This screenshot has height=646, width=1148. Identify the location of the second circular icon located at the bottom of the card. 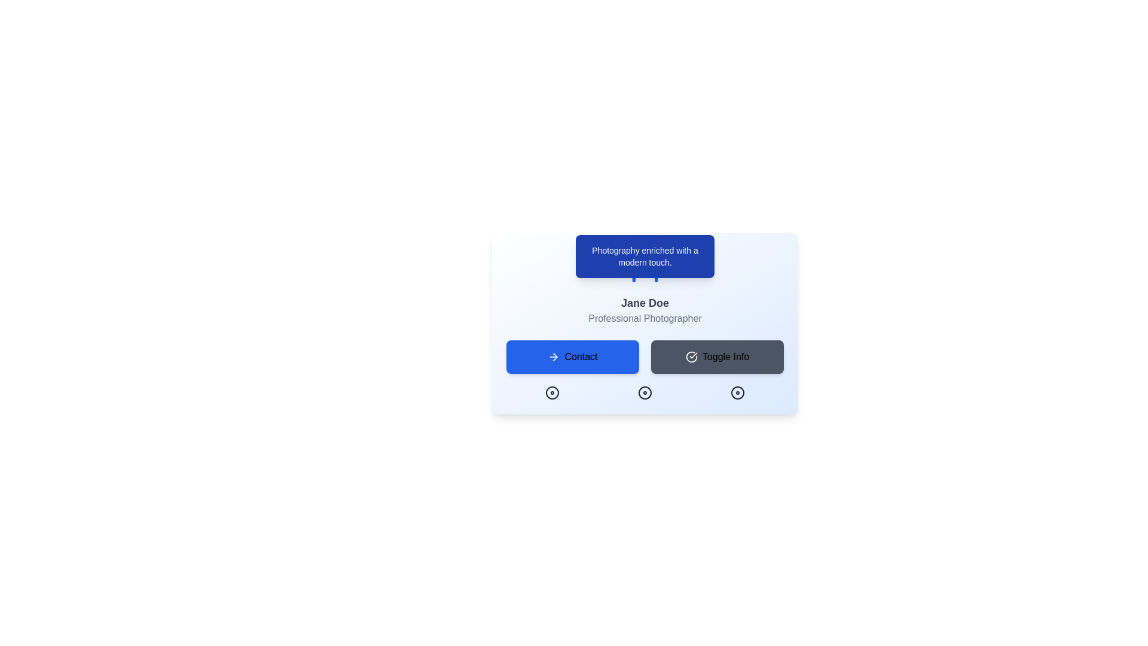
(645, 392).